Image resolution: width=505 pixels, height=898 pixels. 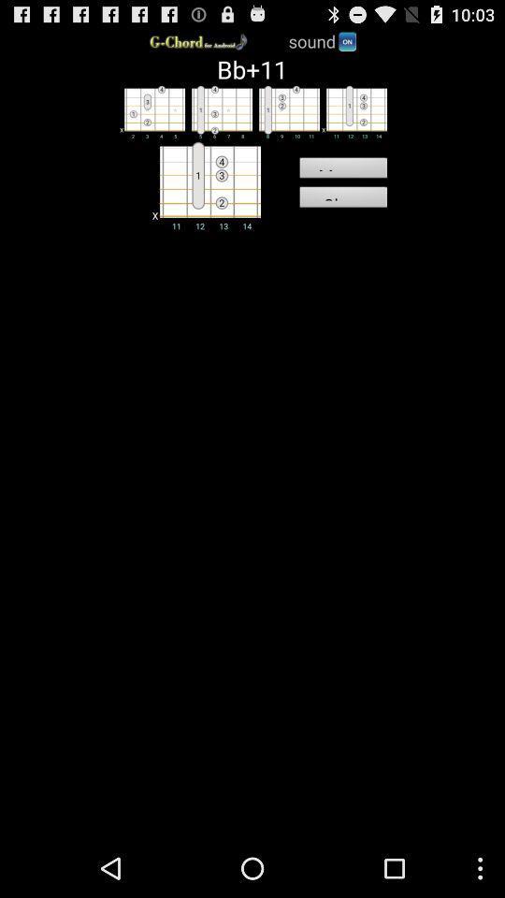 I want to click on the memo icon, so click(x=342, y=170).